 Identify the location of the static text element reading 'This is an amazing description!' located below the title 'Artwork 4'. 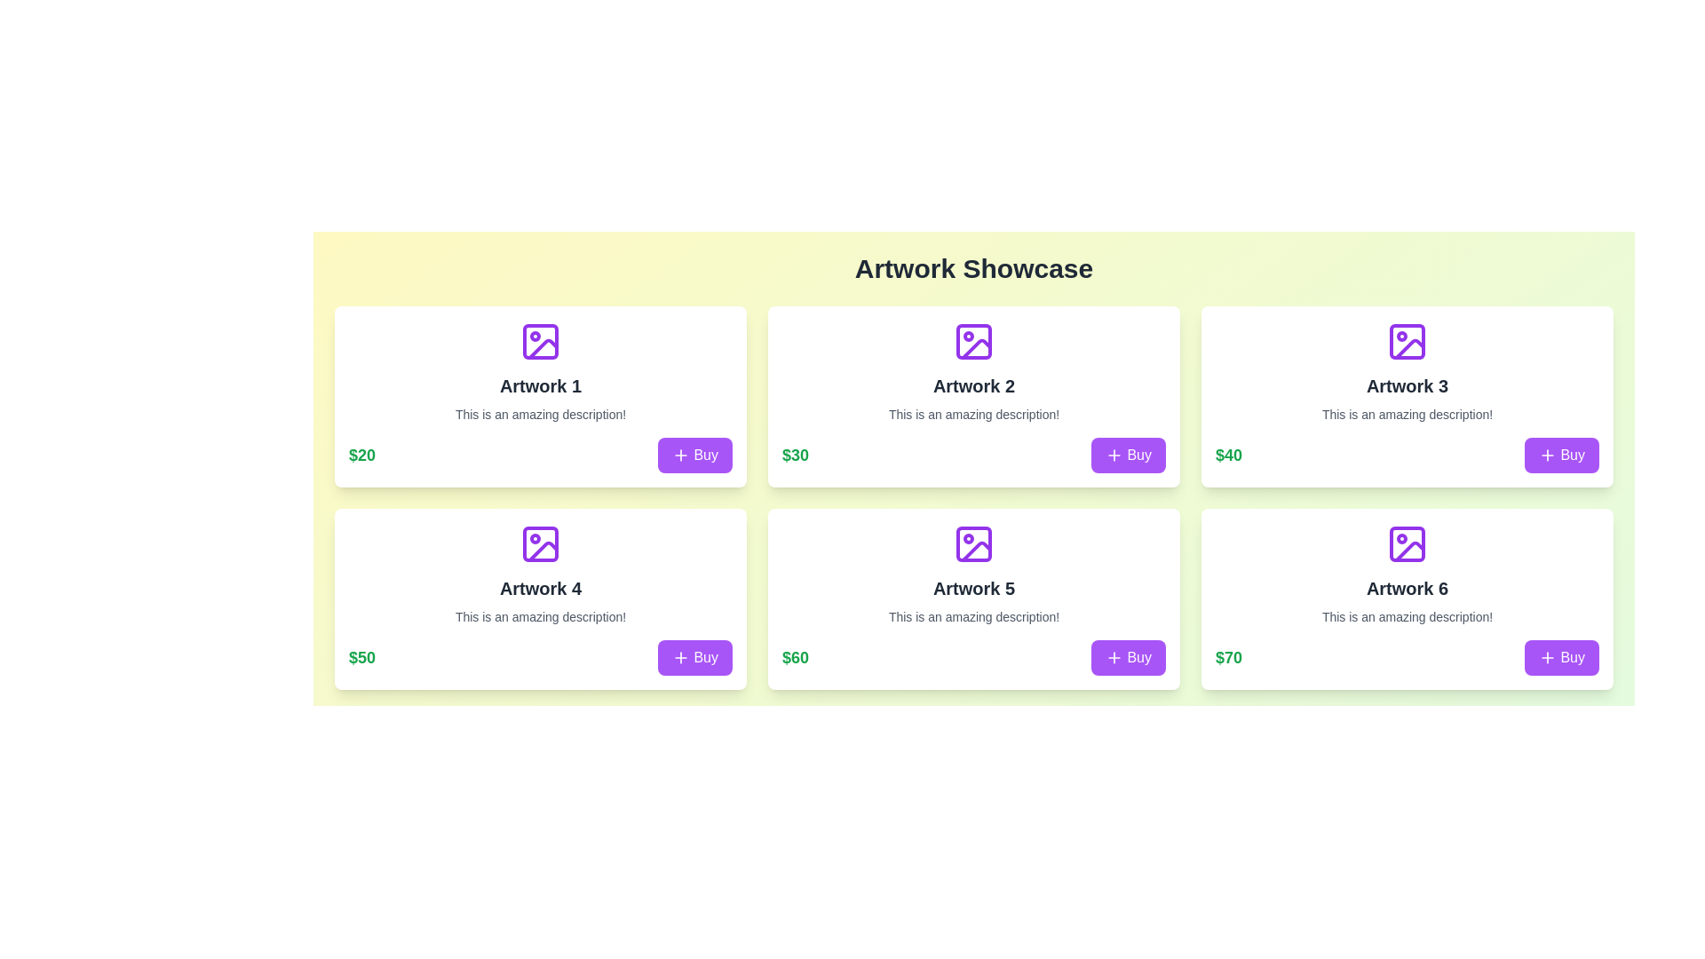
(540, 615).